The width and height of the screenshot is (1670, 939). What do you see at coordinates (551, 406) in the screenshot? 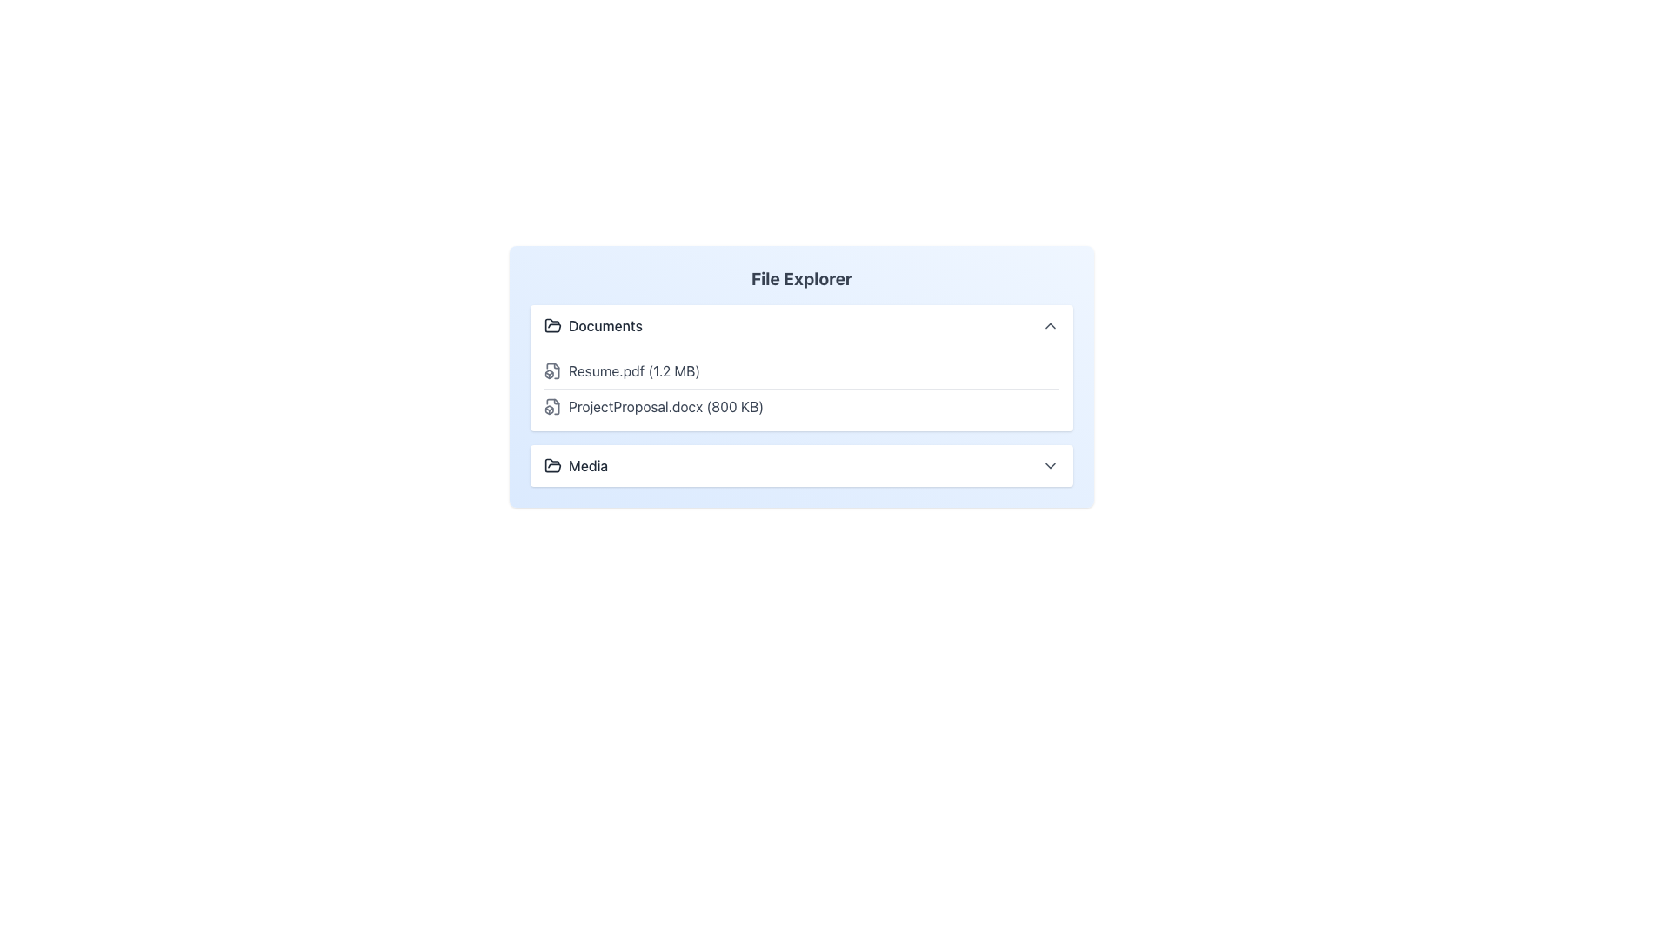
I see `the file type icon for 'ProjectProposal.docx (800 KB)', which is a grey document icon with a 3D box design, located in the second position within the file list in the 'File Explorer'` at bounding box center [551, 406].